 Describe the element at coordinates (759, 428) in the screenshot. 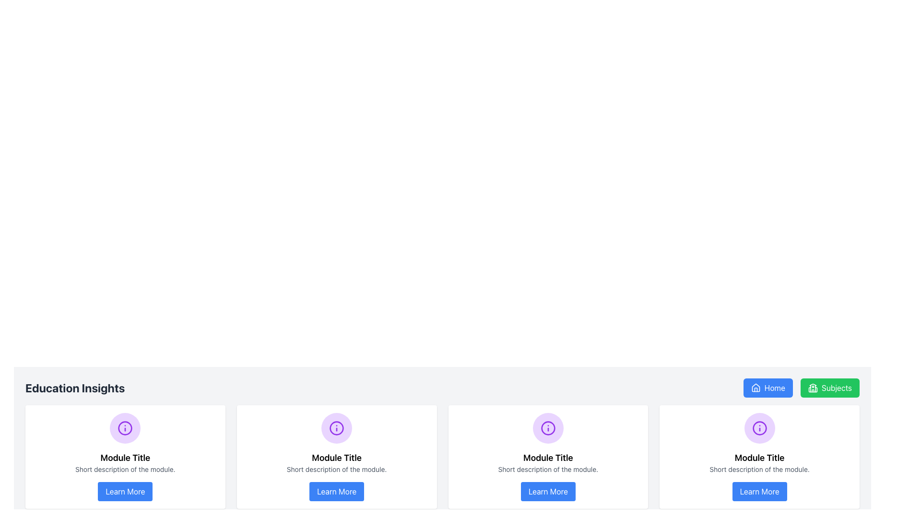

I see `the circular image icon with a purple background and 'info' symbol, located centrally within the fourth module card titled 'Module Title'` at that location.